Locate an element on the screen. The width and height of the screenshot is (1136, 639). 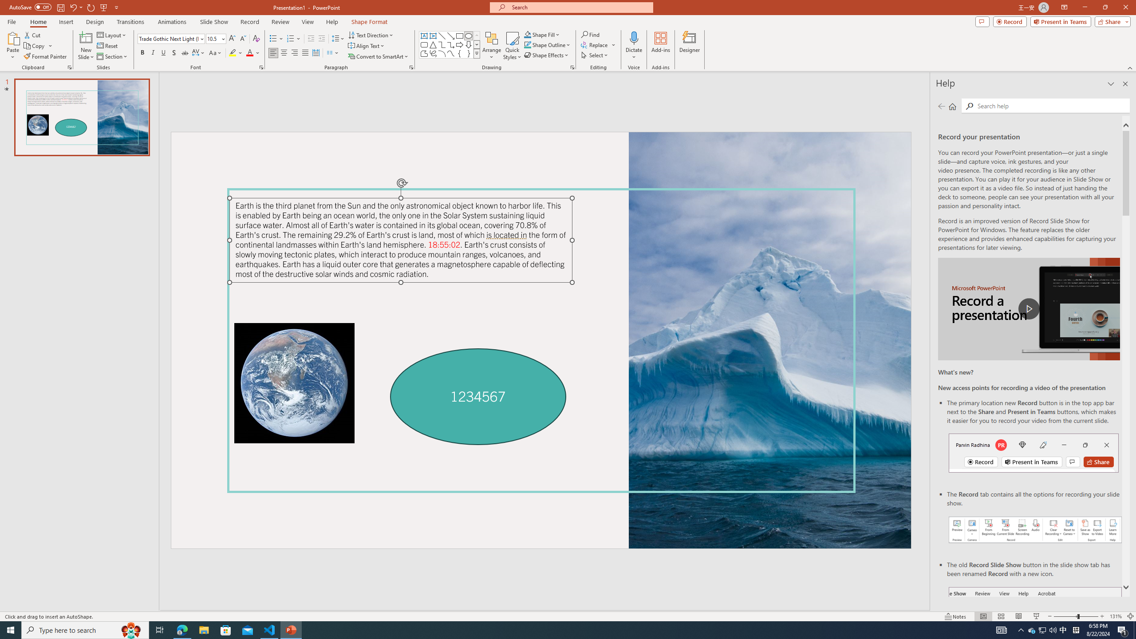
'Zoom' is located at coordinates (1076, 616).